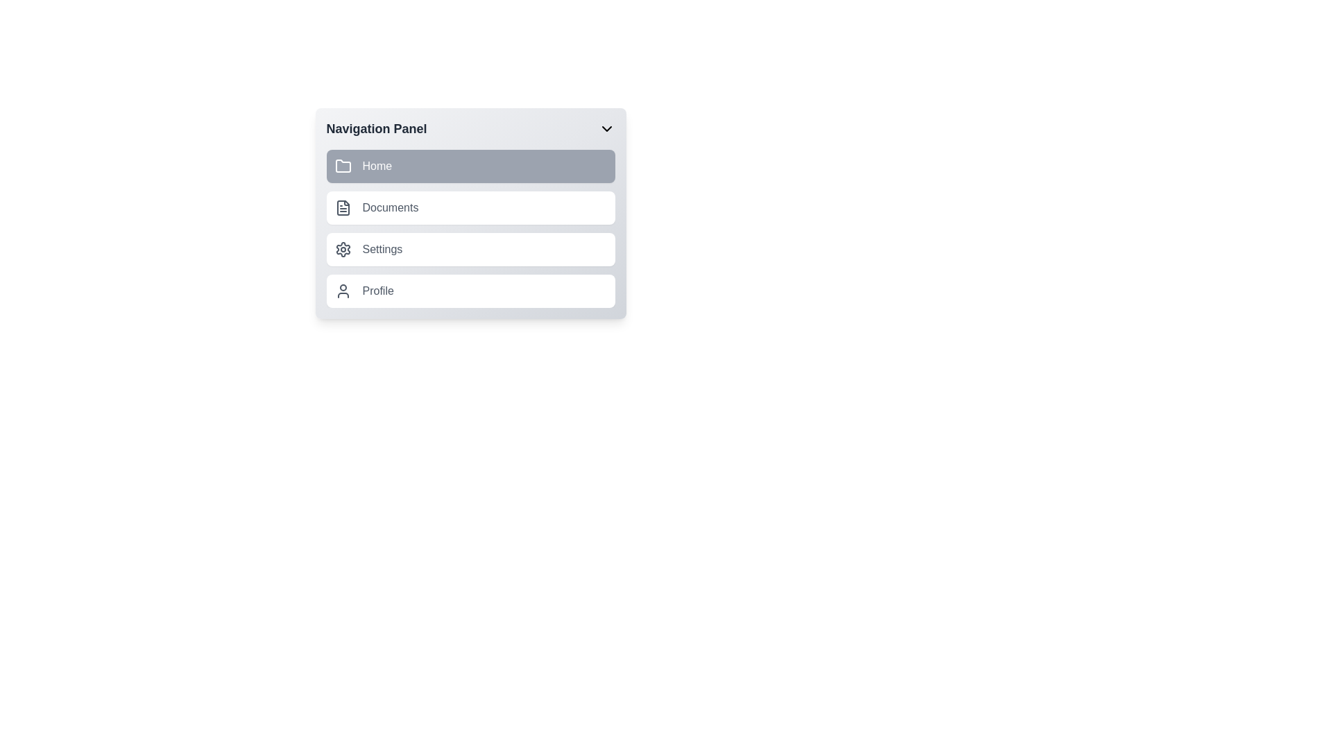 Image resolution: width=1332 pixels, height=749 pixels. I want to click on the user profile icon located in the 'Profile' row of the vertical navigation menu, positioned to the left of the 'Profile' label text, so click(343, 291).